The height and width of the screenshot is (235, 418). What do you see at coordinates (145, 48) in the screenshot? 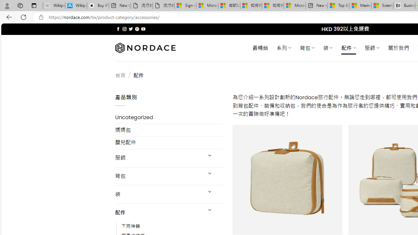
I see `'Nordace'` at bounding box center [145, 48].